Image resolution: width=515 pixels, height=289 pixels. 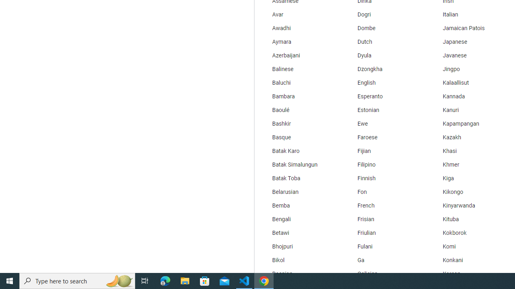 I want to click on 'Estonian', so click(x=385, y=110).